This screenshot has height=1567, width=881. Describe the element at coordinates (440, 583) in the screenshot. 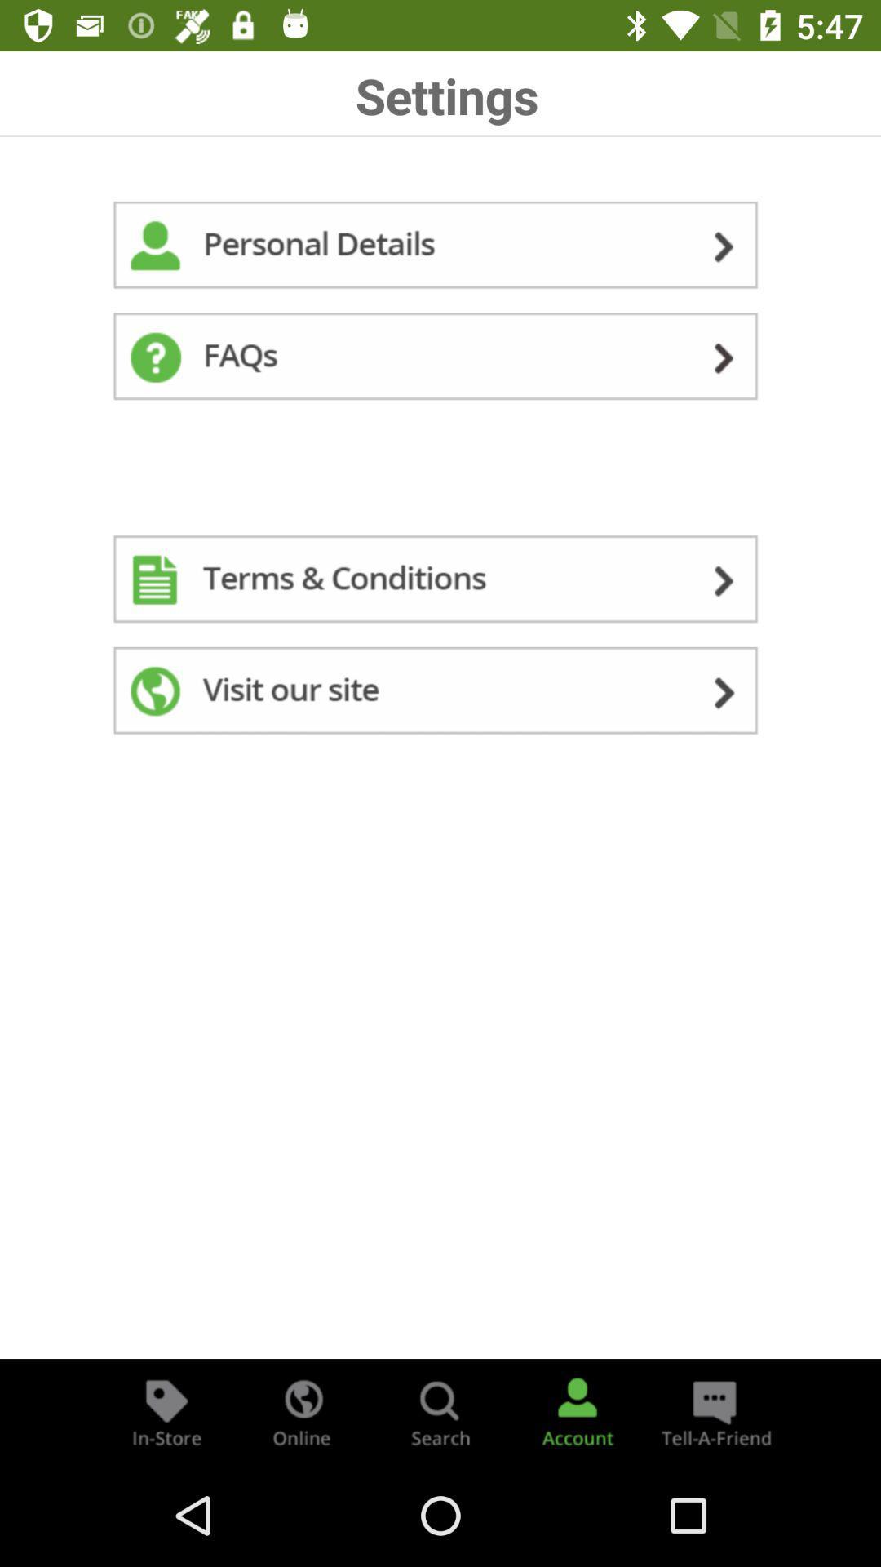

I see `terms and conditions` at that location.